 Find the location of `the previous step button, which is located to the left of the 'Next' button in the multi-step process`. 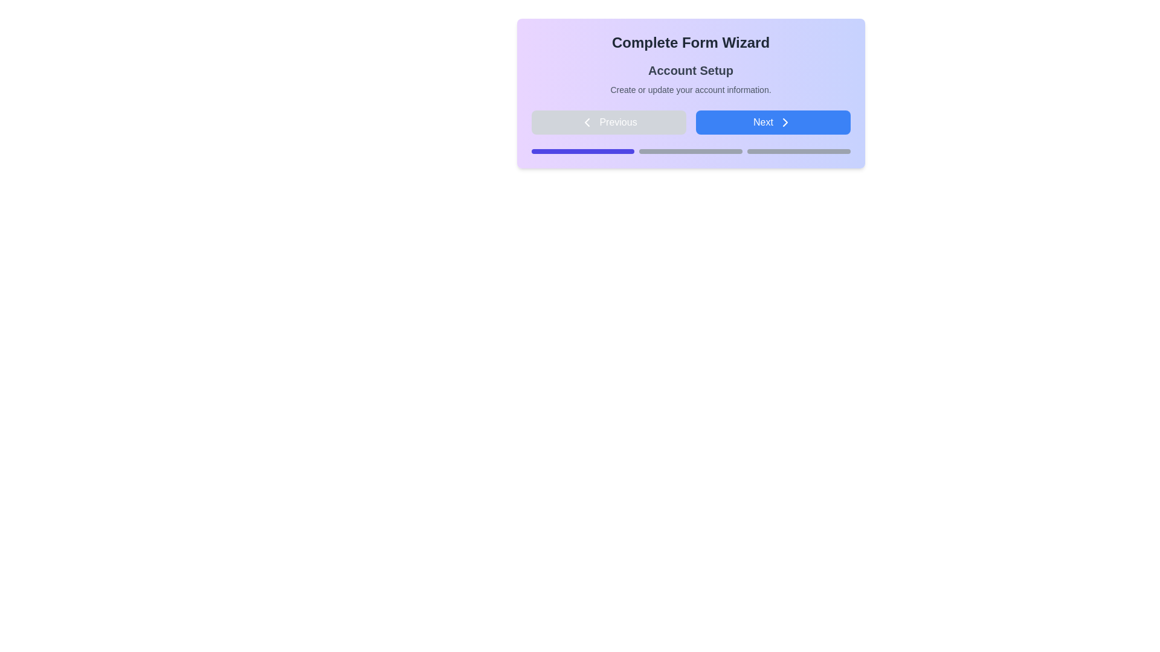

the previous step button, which is located to the left of the 'Next' button in the multi-step process is located at coordinates (608, 123).